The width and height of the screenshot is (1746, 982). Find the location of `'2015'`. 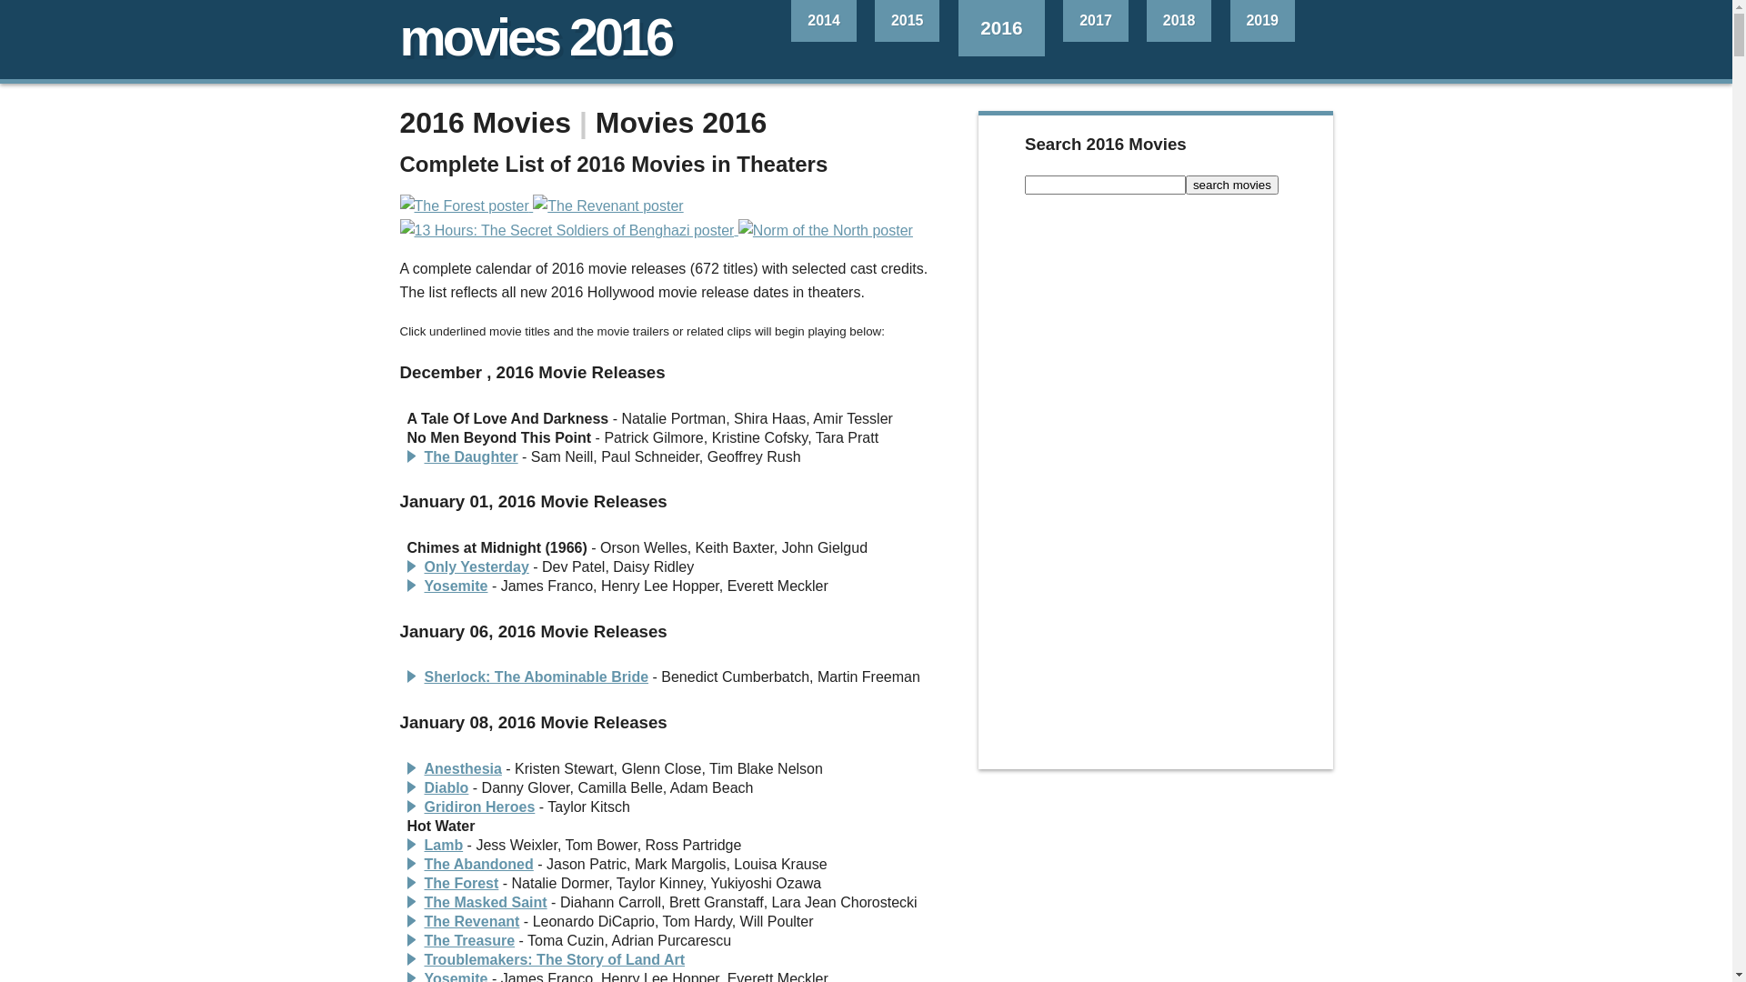

'2015' is located at coordinates (874, 21).